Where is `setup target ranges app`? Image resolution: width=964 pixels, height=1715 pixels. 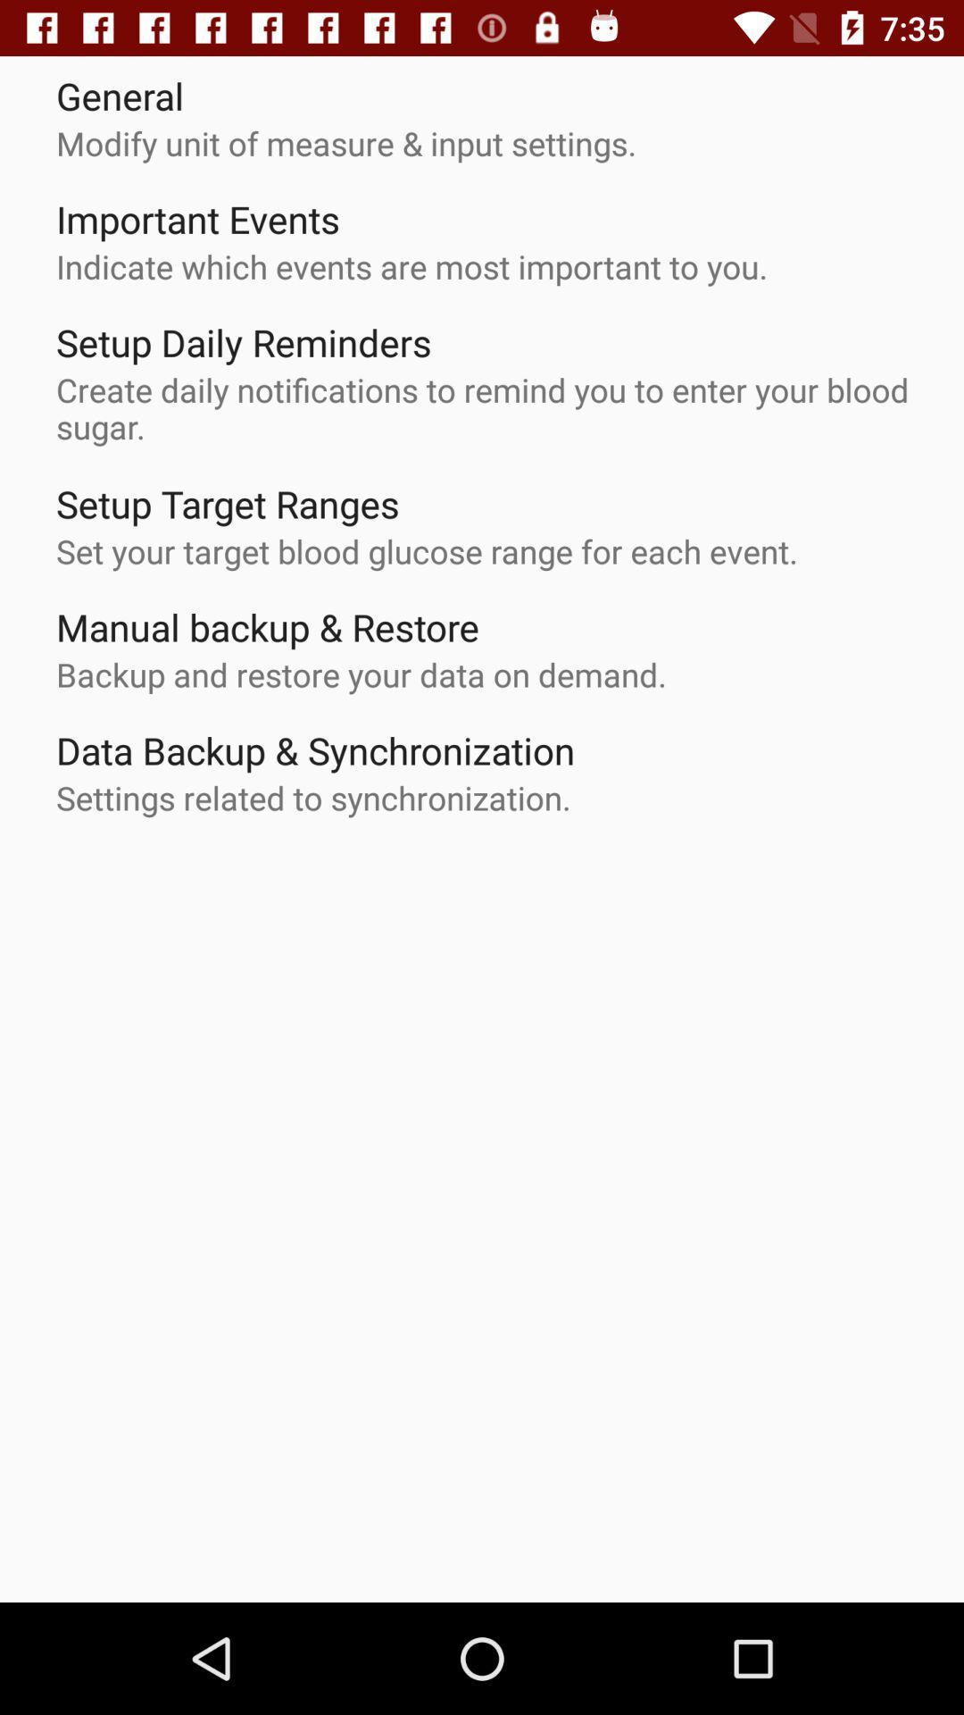
setup target ranges app is located at coordinates (227, 503).